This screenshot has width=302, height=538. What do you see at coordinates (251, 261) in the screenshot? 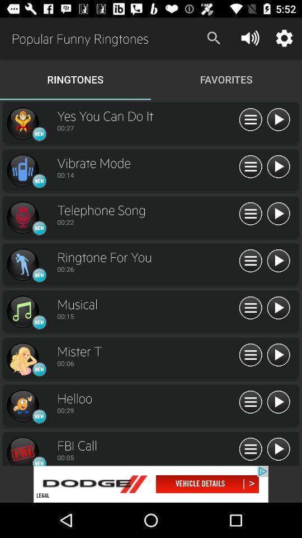
I see `menu icon` at bounding box center [251, 261].